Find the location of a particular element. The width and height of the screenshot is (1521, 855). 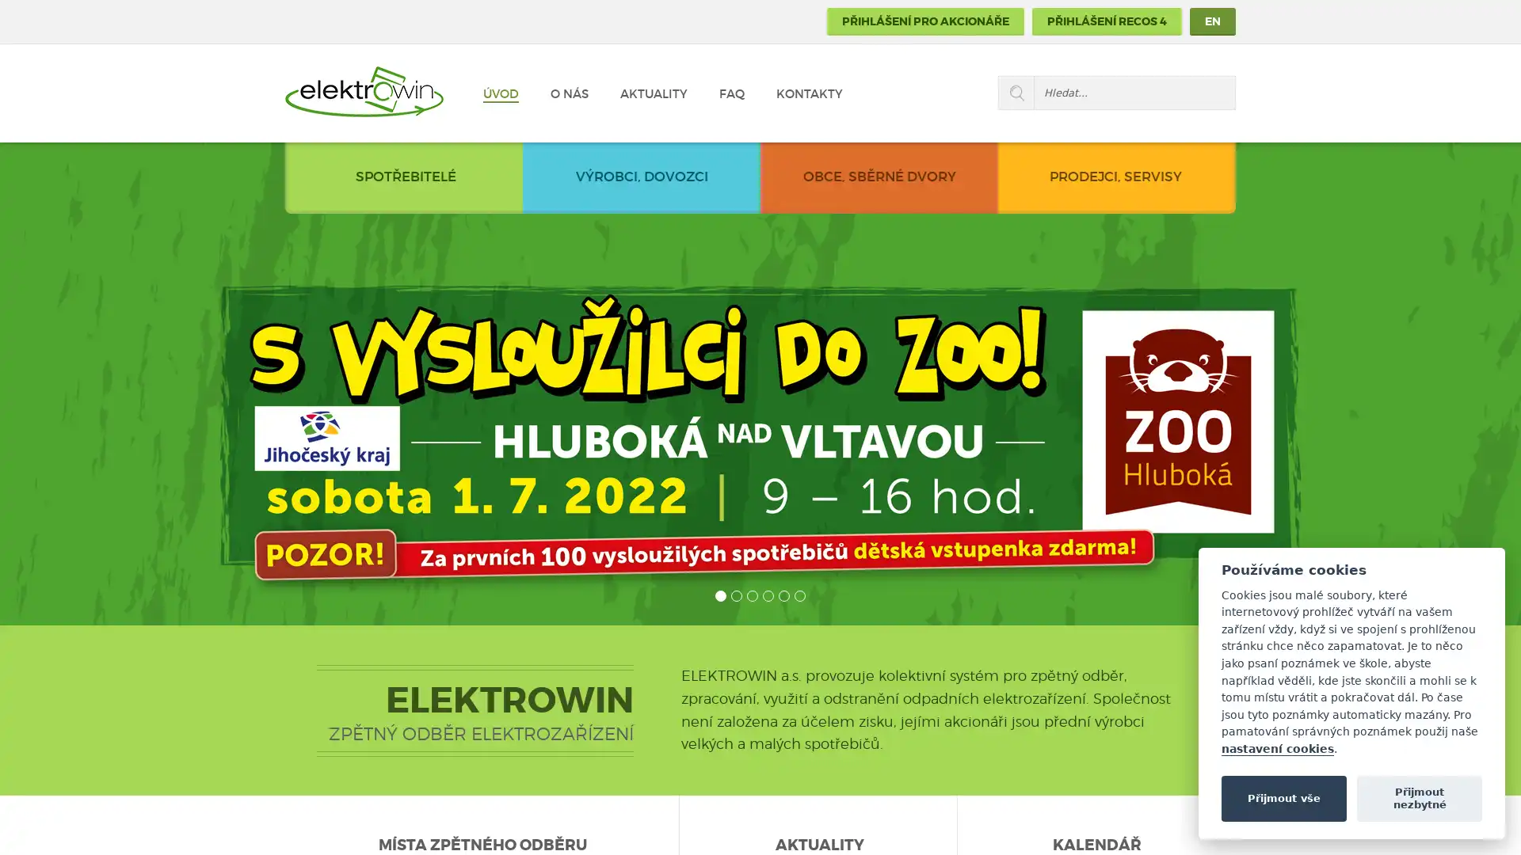

Prijmout nezbytne is located at coordinates (1419, 797).